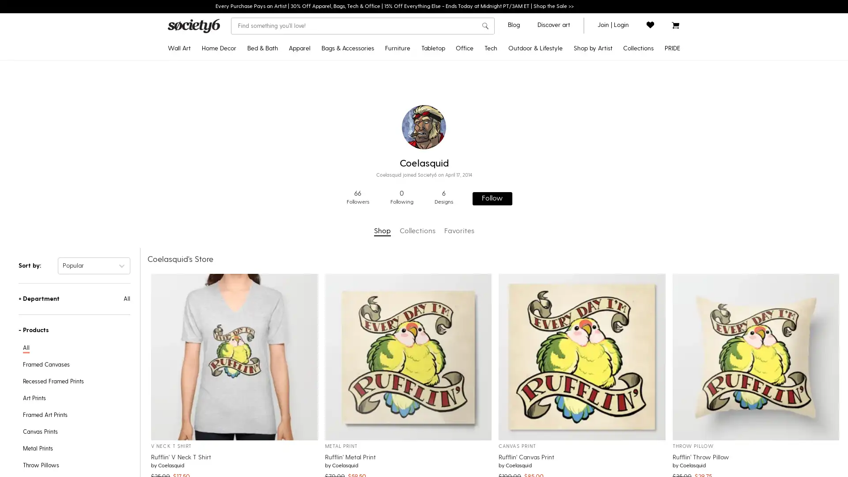 This screenshot has height=477, width=848. What do you see at coordinates (208, 141) in the screenshot?
I see `Tapestries` at bounding box center [208, 141].